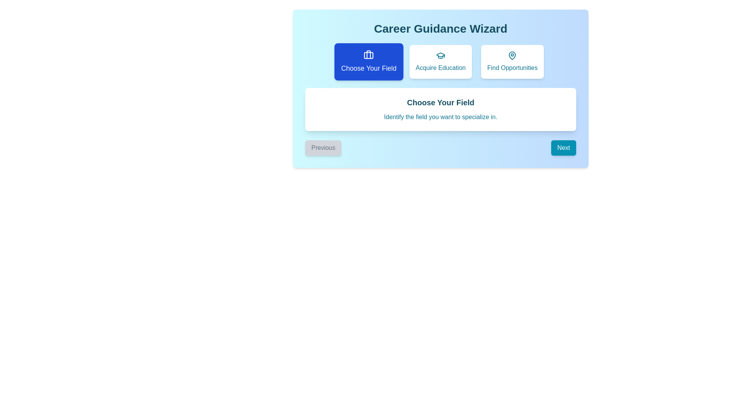  Describe the element at coordinates (441, 110) in the screenshot. I see `displayed text in the Informational Panel located beneath the row of selectable options, which provides guidance for the workflow` at that location.